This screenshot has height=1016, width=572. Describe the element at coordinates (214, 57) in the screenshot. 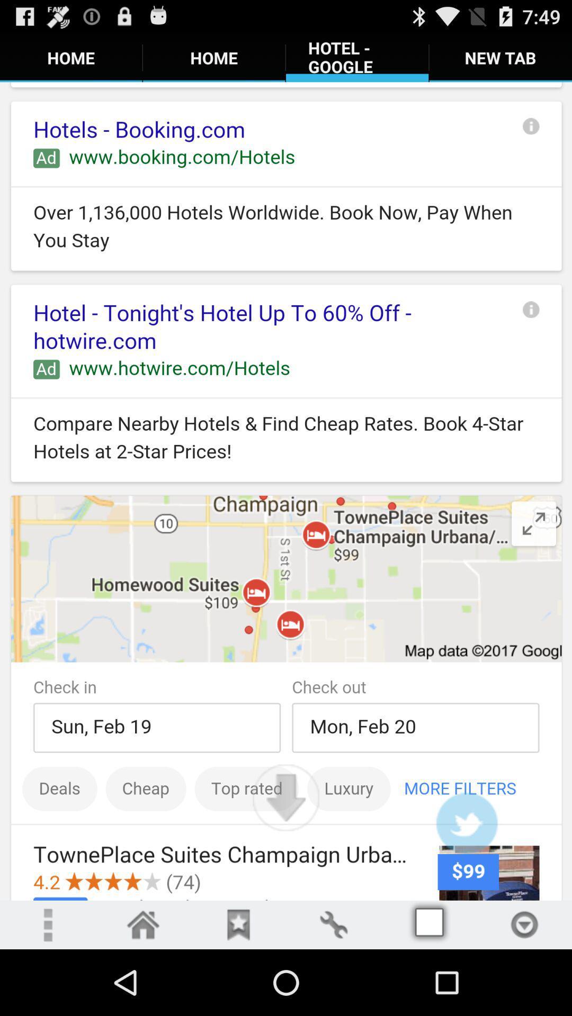

I see `the home option which is towards the left side of hotel google option` at that location.